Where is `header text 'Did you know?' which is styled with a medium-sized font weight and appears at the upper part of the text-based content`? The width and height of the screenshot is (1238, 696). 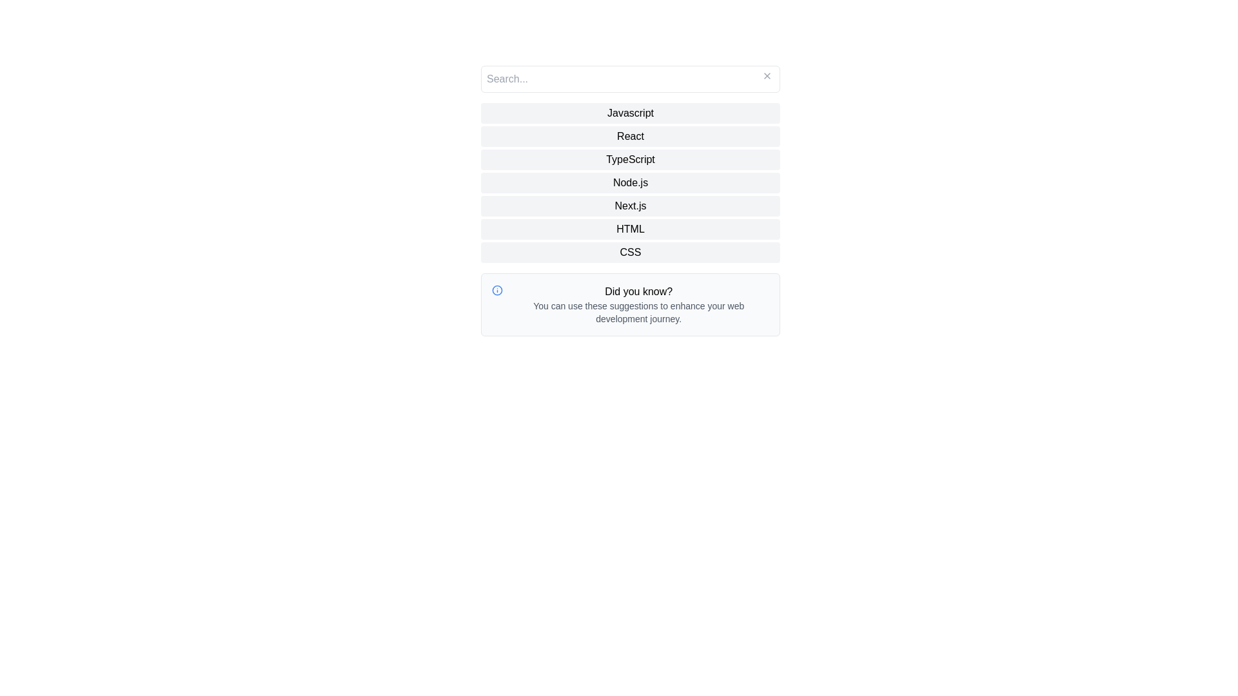 header text 'Did you know?' which is styled with a medium-sized font weight and appears at the upper part of the text-based content is located at coordinates (638, 291).